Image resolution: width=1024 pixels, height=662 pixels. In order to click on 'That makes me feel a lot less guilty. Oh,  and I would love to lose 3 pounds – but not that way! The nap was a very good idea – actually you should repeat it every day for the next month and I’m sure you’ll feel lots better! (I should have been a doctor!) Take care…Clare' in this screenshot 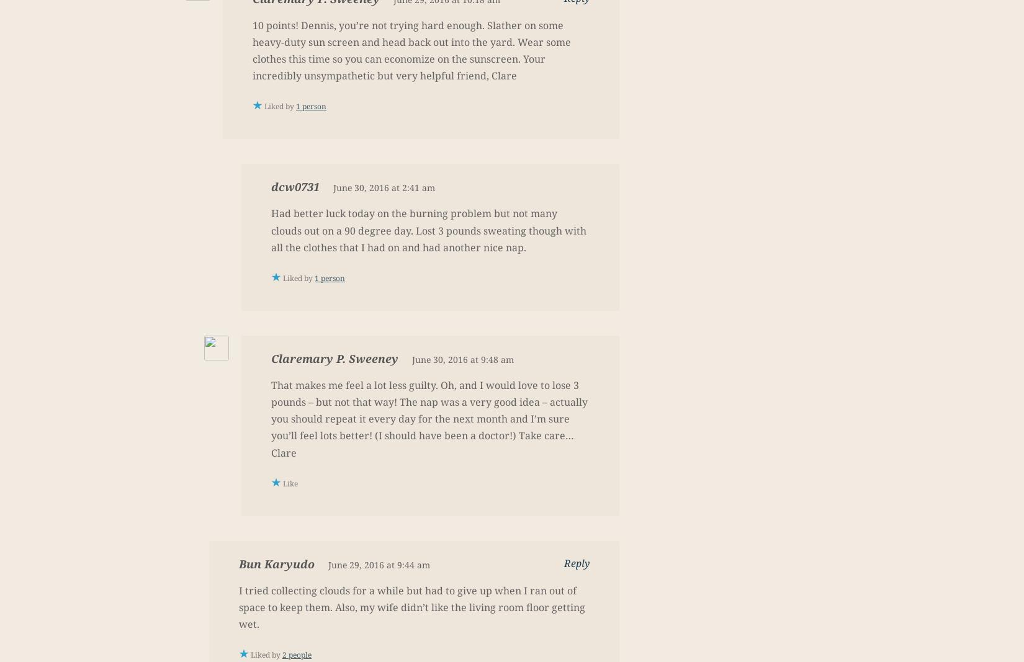, I will do `click(429, 418)`.